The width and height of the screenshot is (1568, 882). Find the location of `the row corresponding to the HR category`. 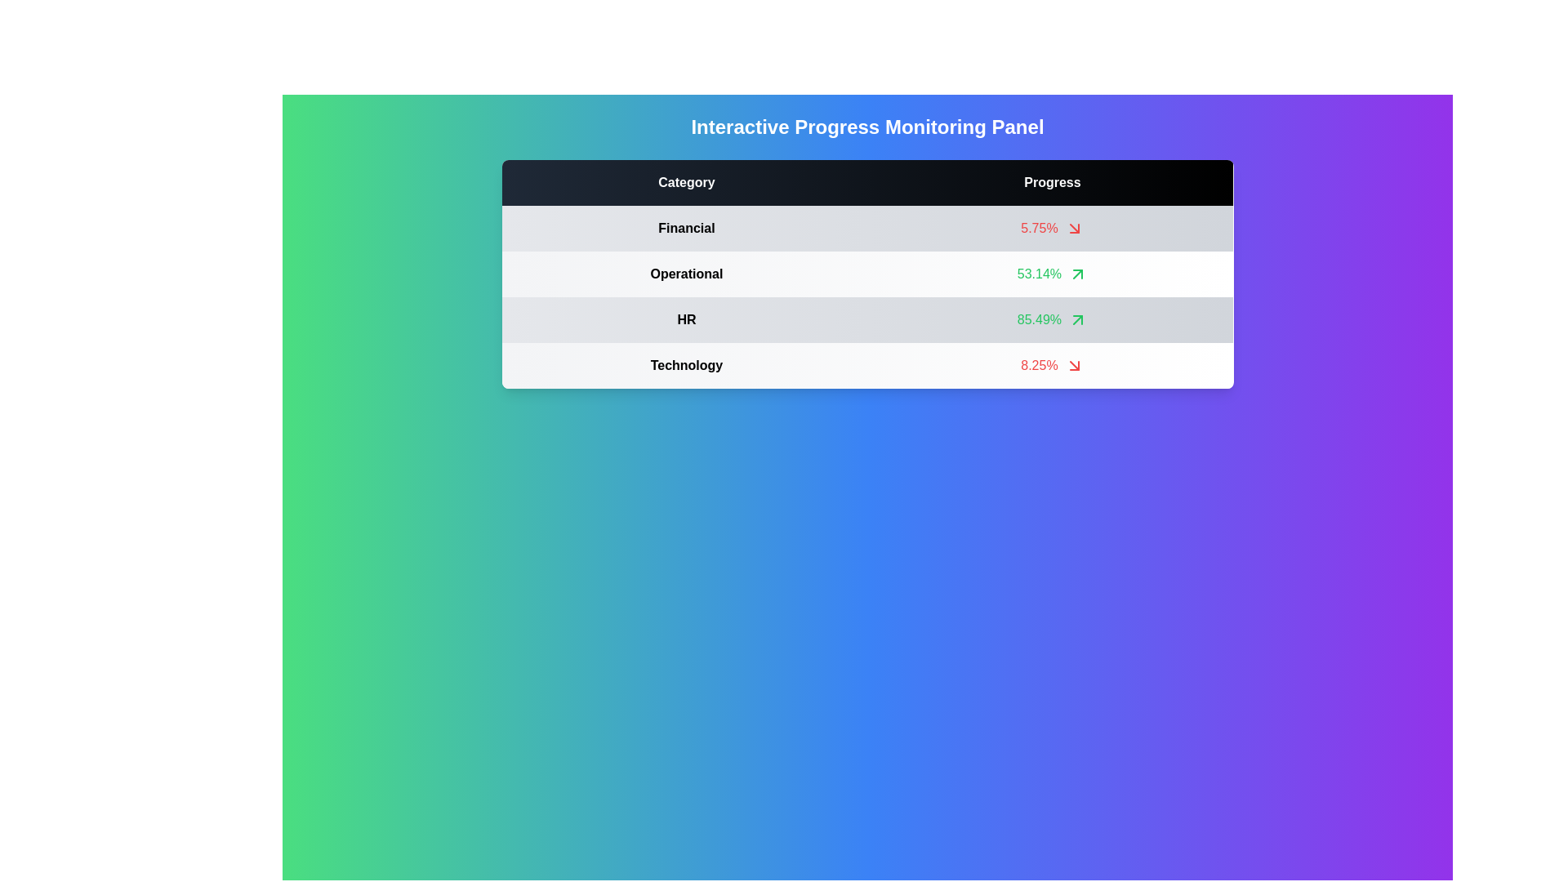

the row corresponding to the HR category is located at coordinates (1052, 320).